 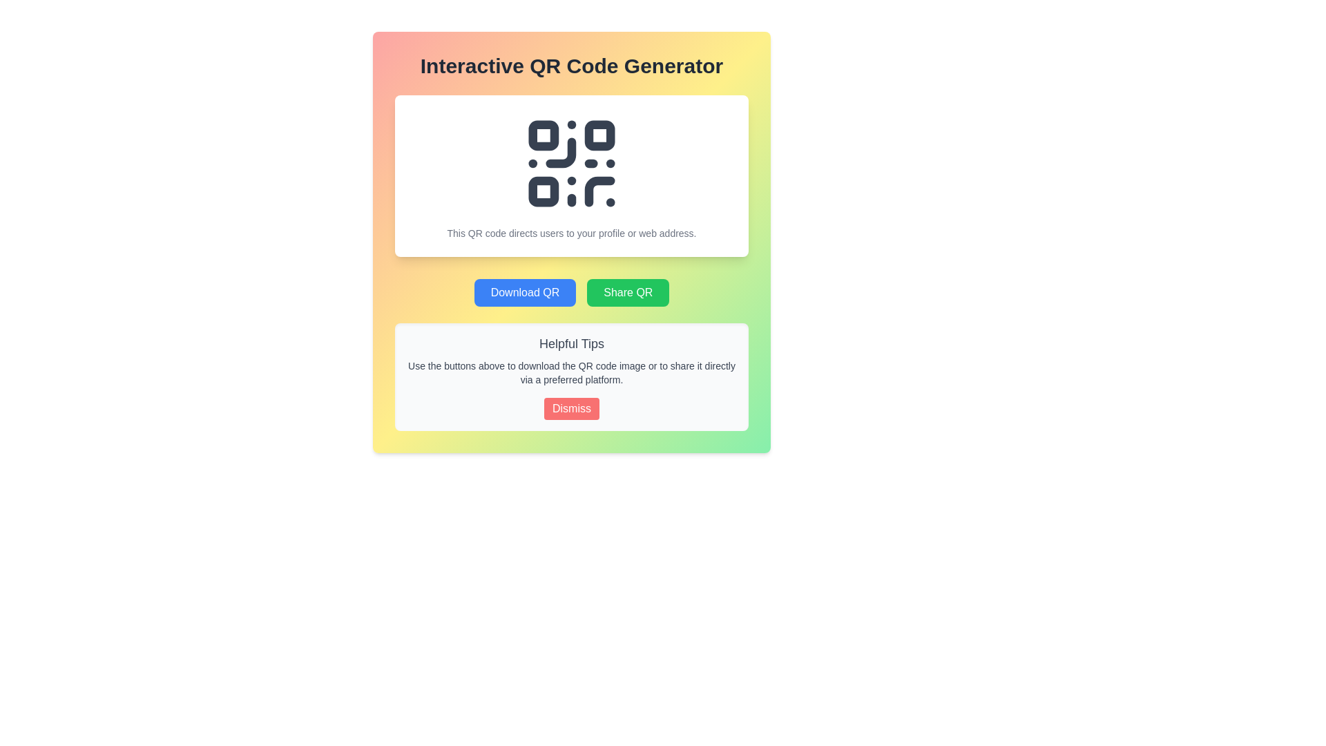 I want to click on the QR code graphic, which is centrally located under the 'Interactive QR Code Generator' header, so click(x=572, y=162).